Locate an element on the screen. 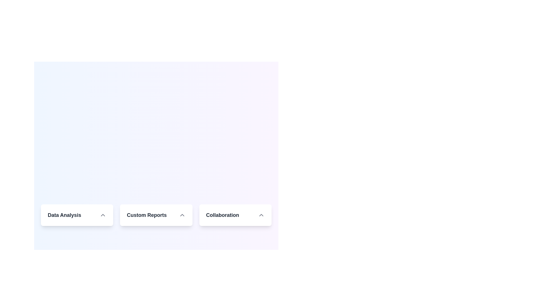  the 'Custom Reports' button which is a horizontal box with bold text and an upward chevron icon, located between 'Data Analysis' and 'Collaboration' is located at coordinates (156, 215).